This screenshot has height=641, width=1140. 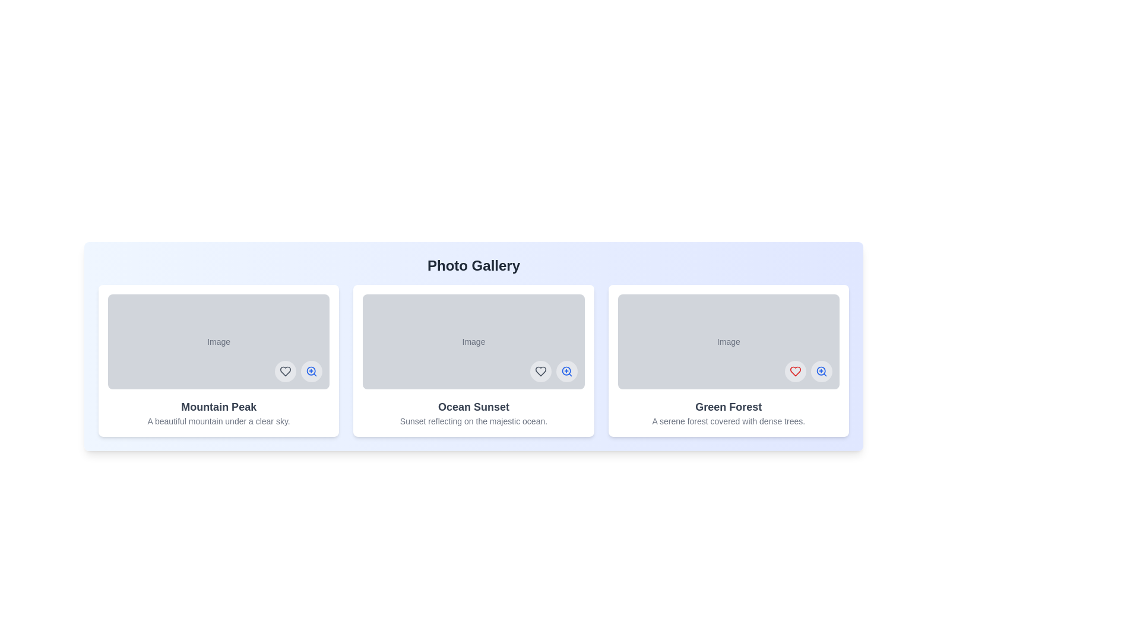 What do you see at coordinates (540, 370) in the screenshot?
I see `'like' button for the image titled 'Ocean Sunset' to toggle its liked state` at bounding box center [540, 370].